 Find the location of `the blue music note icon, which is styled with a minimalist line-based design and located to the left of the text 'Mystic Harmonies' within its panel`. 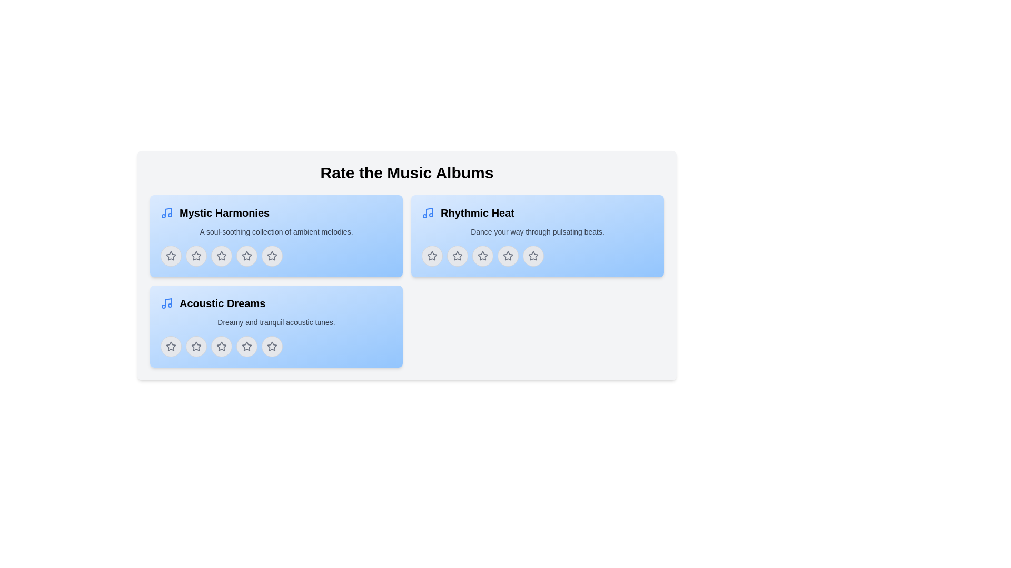

the blue music note icon, which is styled with a minimalist line-based design and located to the left of the text 'Mystic Harmonies' within its panel is located at coordinates (166, 213).